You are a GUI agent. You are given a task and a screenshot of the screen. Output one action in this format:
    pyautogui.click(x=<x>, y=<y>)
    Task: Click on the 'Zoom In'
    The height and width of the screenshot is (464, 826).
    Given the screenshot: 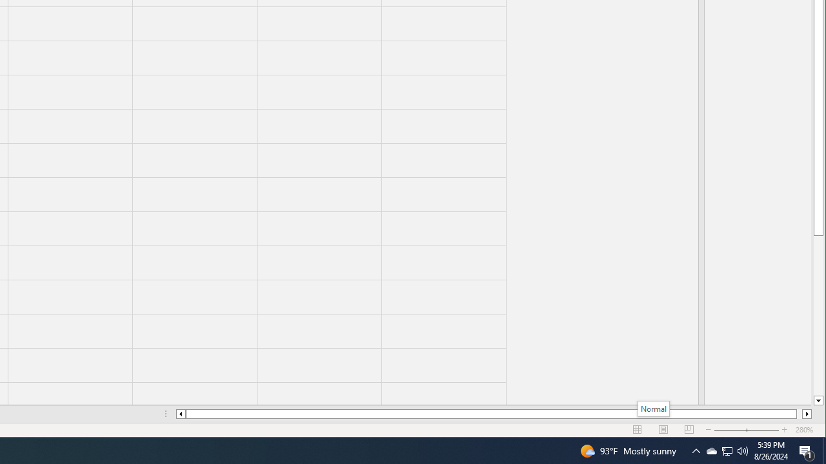 What is the action you would take?
    pyautogui.click(x=784, y=430)
    